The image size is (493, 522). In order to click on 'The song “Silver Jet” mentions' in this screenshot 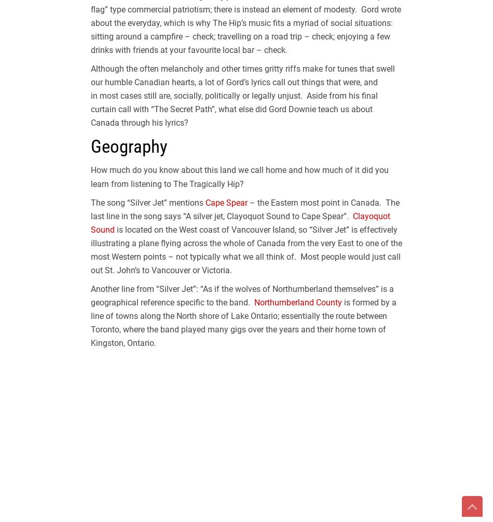, I will do `click(90, 202)`.